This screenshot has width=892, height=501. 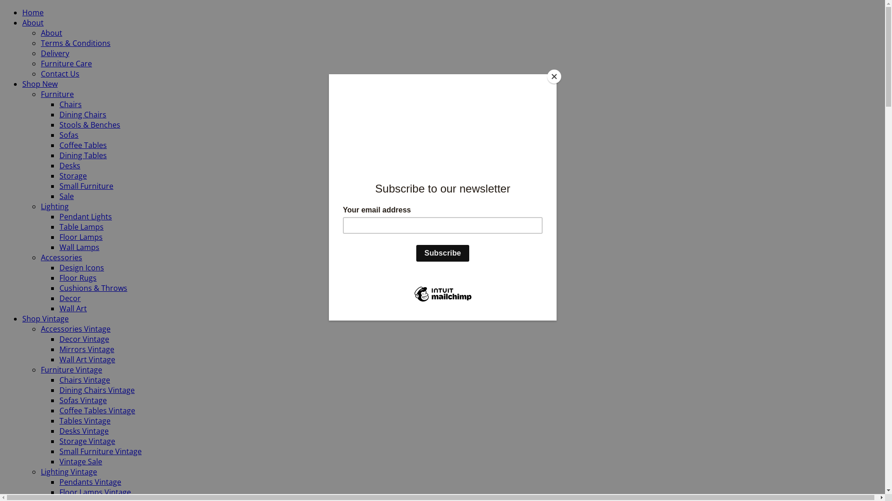 I want to click on 'About', so click(x=40, y=32).